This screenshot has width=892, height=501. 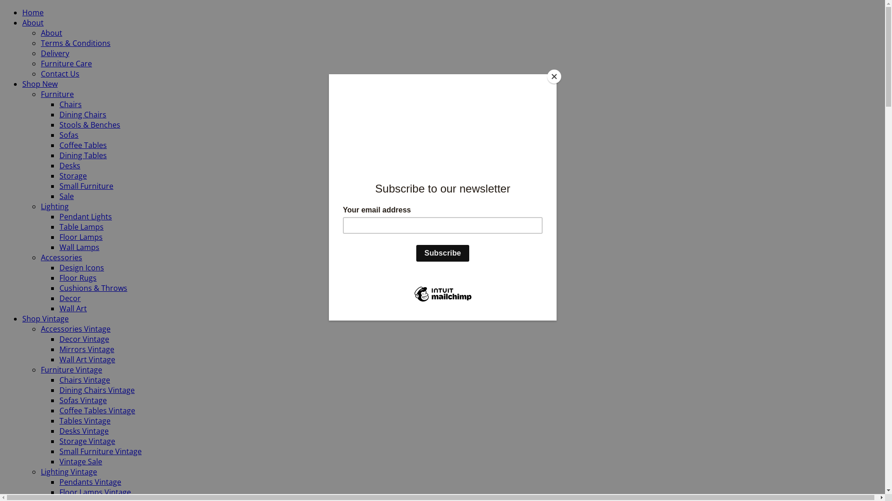 I want to click on 'About', so click(x=40, y=32).